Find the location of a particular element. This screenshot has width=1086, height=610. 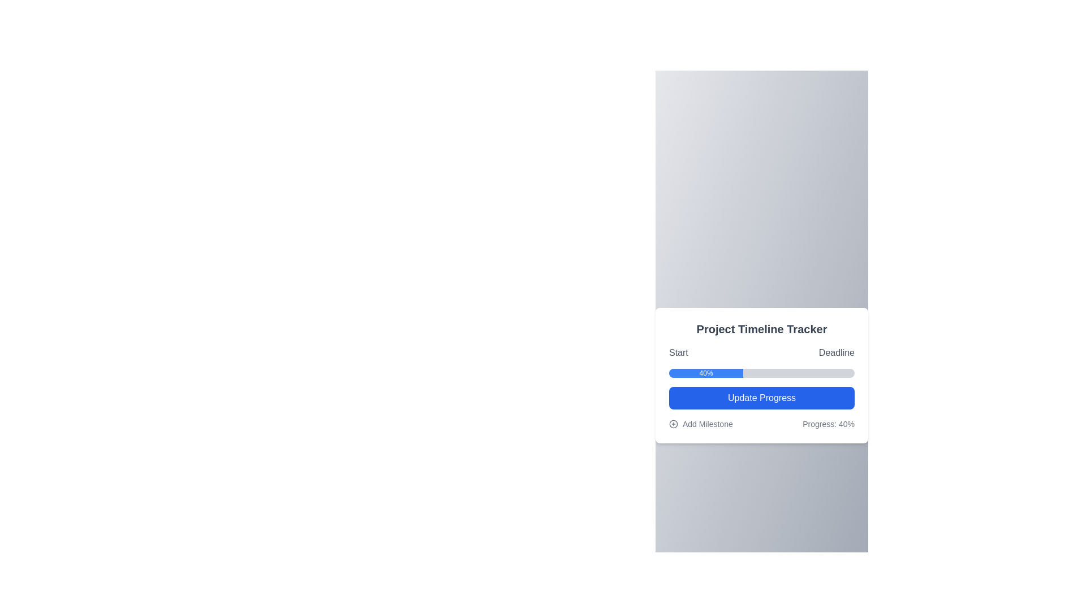

the icon that visually indicates the action of adding a new milestone, positioned to the left of the 'Add Milestone' text in the 'Project Timeline Tracker' card is located at coordinates (673, 424).